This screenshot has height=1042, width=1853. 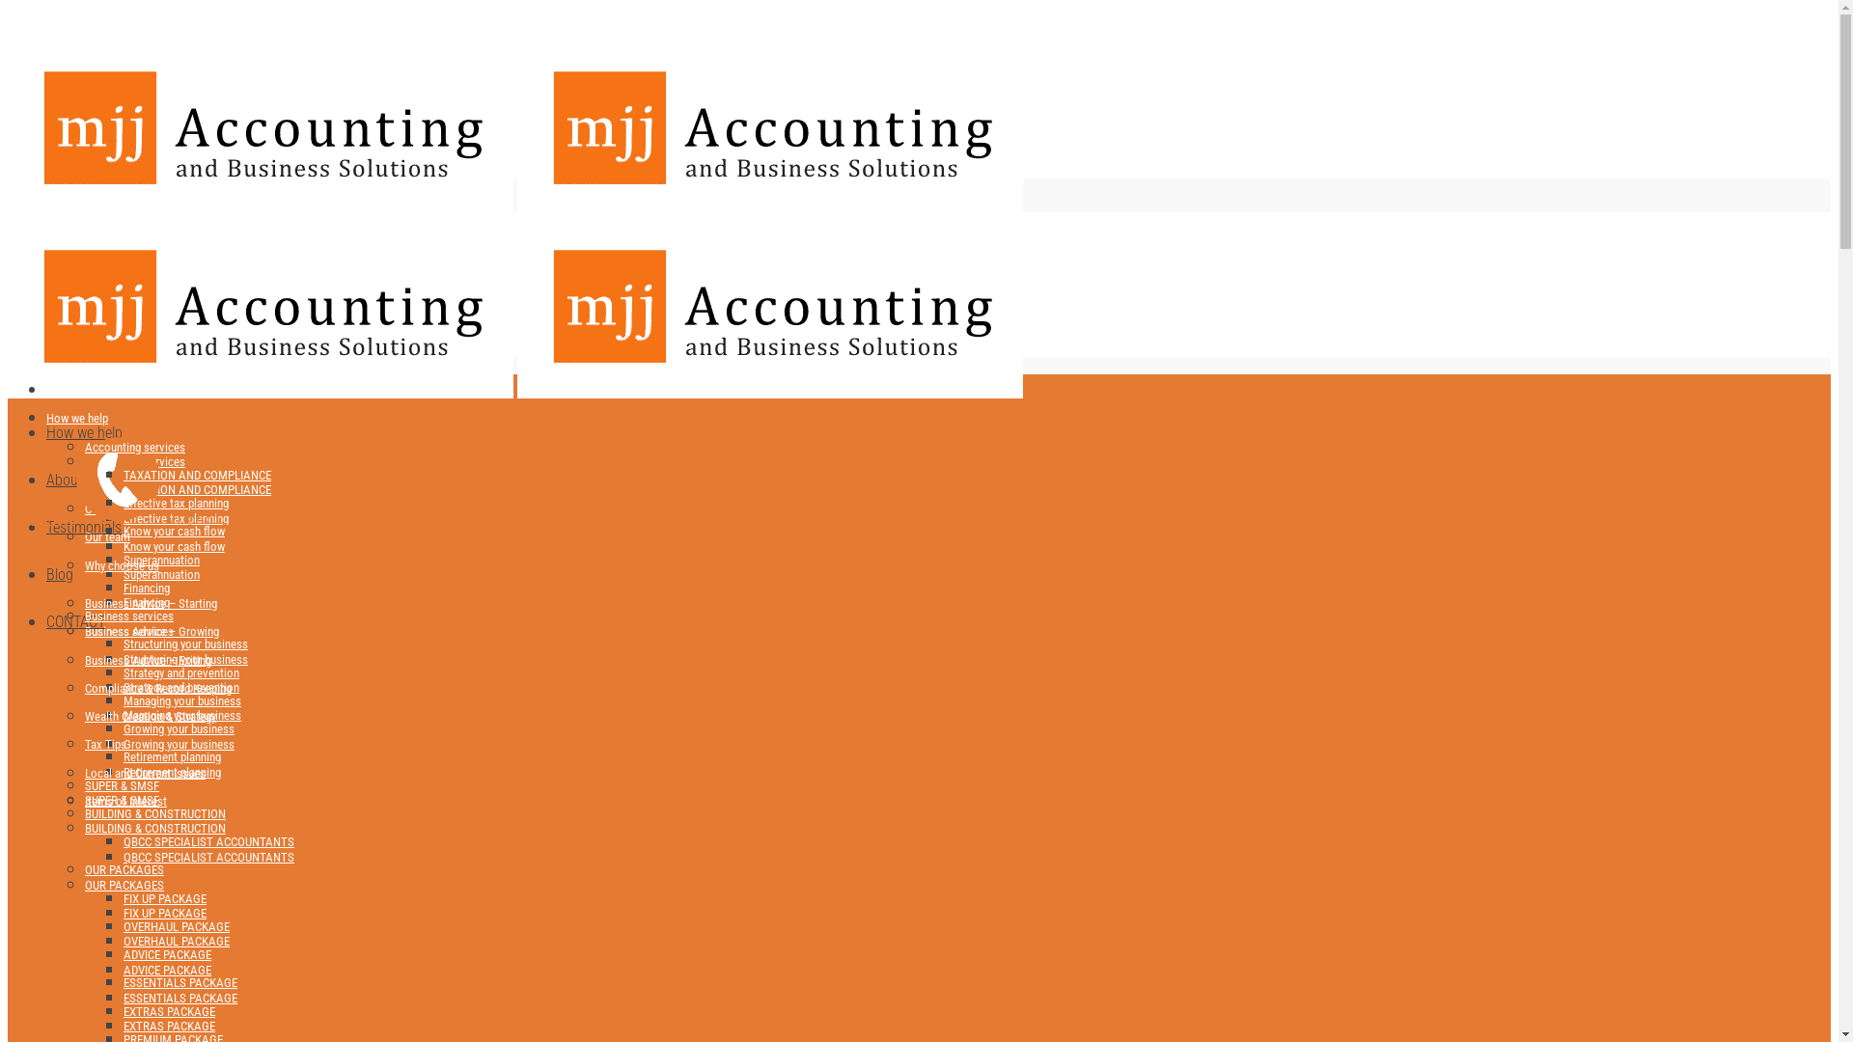 What do you see at coordinates (179, 728) in the screenshot?
I see `'Growing your business'` at bounding box center [179, 728].